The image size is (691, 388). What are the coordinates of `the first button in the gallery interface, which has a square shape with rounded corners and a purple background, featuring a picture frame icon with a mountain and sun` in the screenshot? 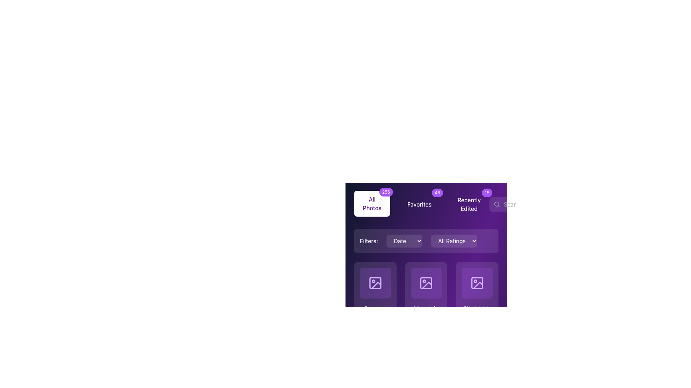 It's located at (375, 282).